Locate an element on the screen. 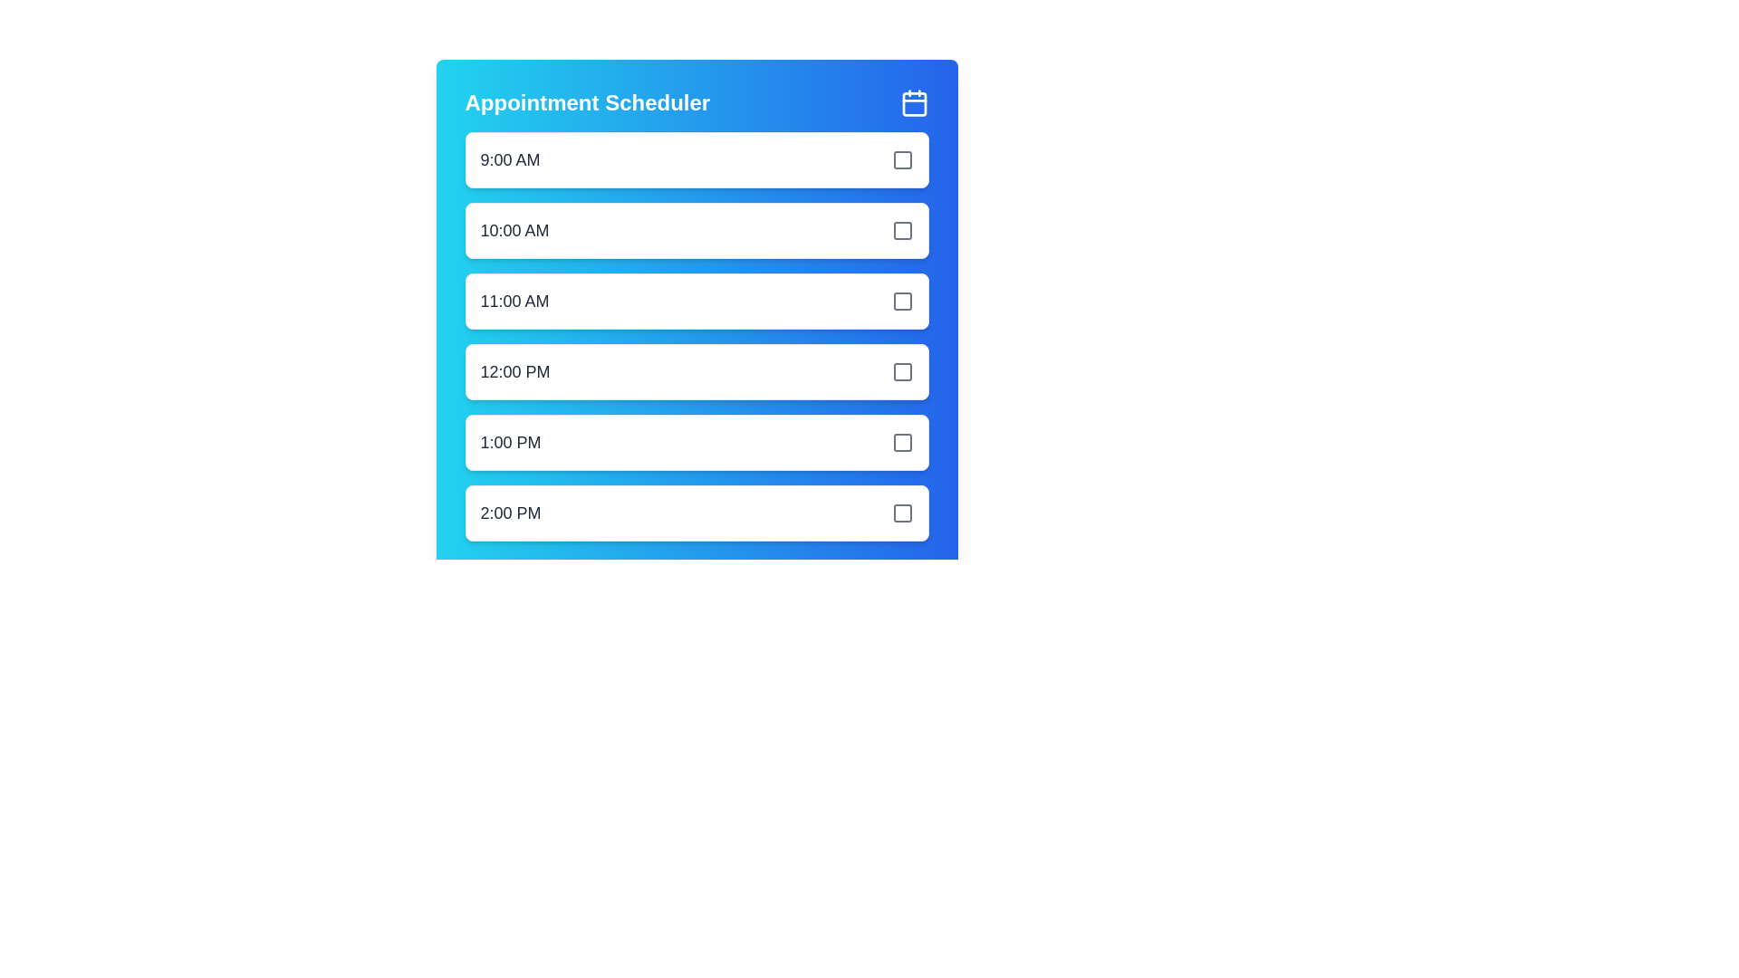  the time slot 11:00 AM by clicking on its corresponding interactive element is located at coordinates (696, 300).